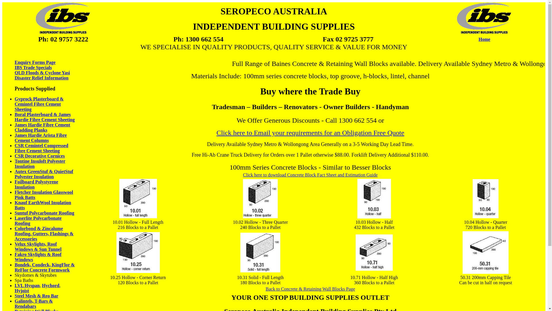 This screenshot has width=552, height=311. Describe the element at coordinates (39, 104) in the screenshot. I see `'Gyprock Plasterboard & Cemintel Fibre Cement Sheeting'` at that location.